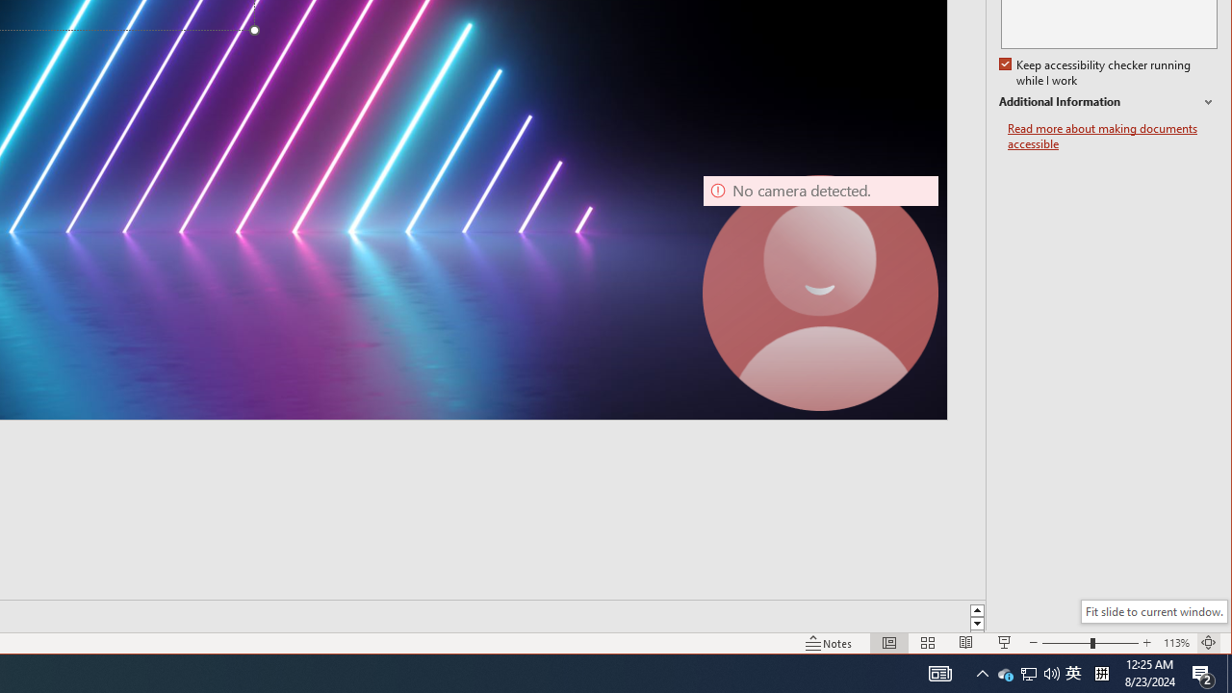 The height and width of the screenshot is (693, 1232). I want to click on 'Read more about making documents accessible', so click(1112, 136).